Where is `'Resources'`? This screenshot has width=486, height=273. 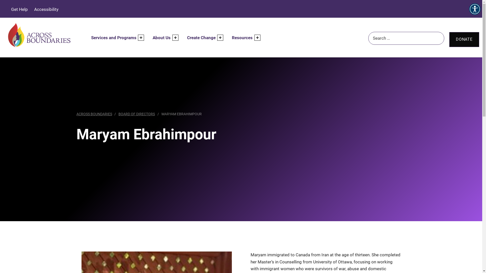
'Resources' is located at coordinates (243, 37).